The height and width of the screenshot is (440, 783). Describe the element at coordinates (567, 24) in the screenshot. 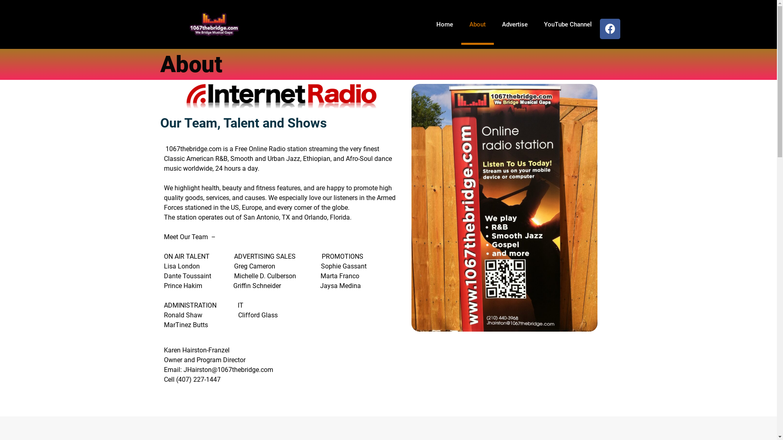

I see `'YouTube Channel'` at that location.